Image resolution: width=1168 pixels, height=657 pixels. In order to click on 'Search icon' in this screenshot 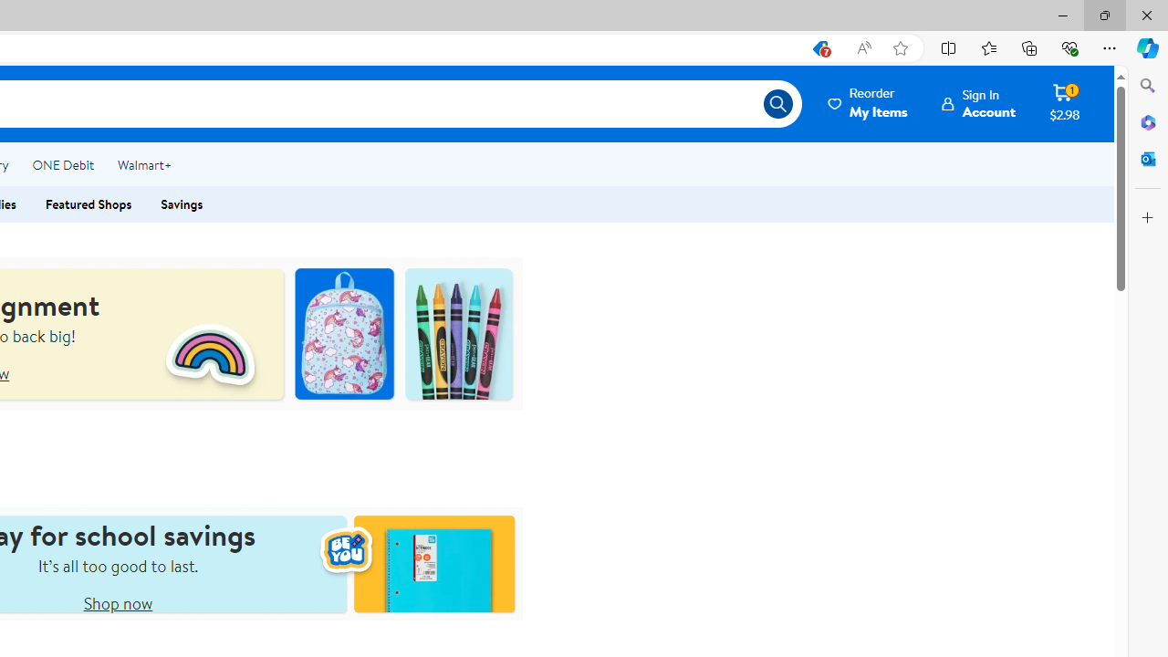, I will do `click(777, 104)`.